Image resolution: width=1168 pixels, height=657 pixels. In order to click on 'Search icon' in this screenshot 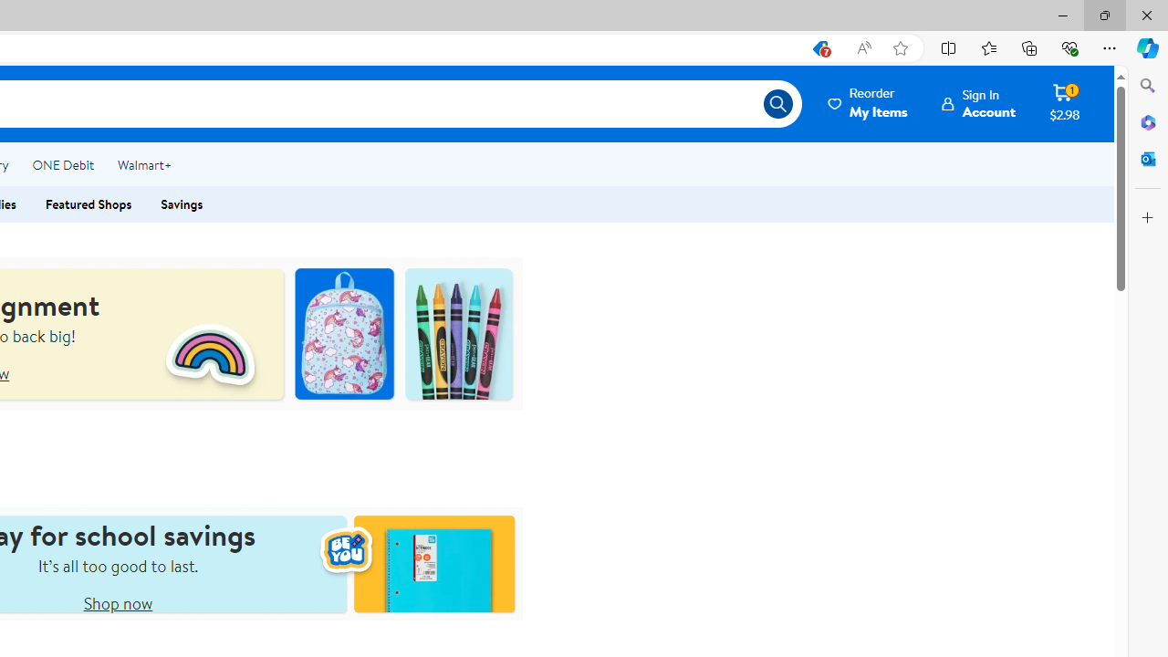, I will do `click(777, 104)`.